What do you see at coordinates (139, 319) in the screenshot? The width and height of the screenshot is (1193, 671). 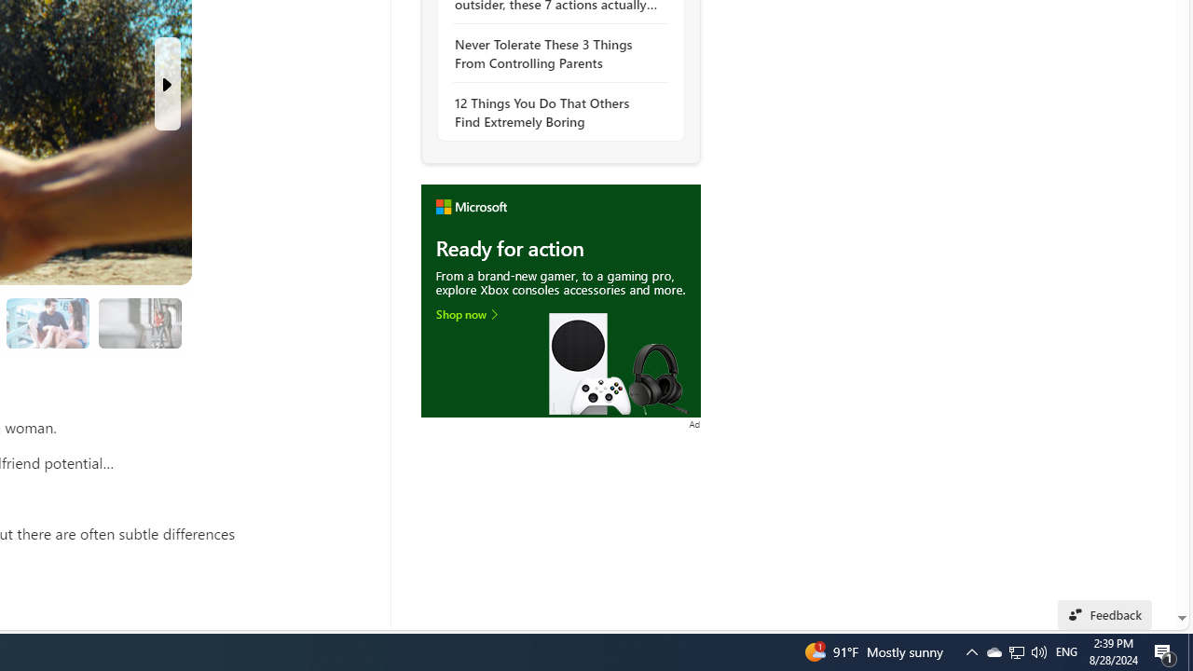 I see `'Class: progress'` at bounding box center [139, 319].